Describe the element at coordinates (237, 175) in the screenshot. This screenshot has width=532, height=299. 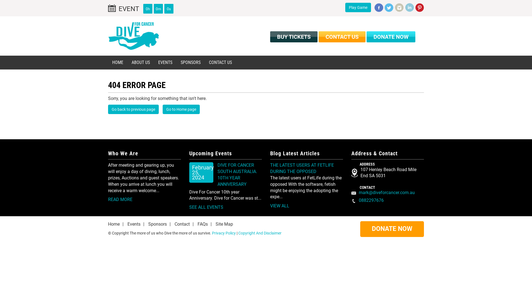
I see `'DIVE FOR CANCER SOUTH AUSTRALIA. 10TH YEAR ANNIVERSARY'` at that location.